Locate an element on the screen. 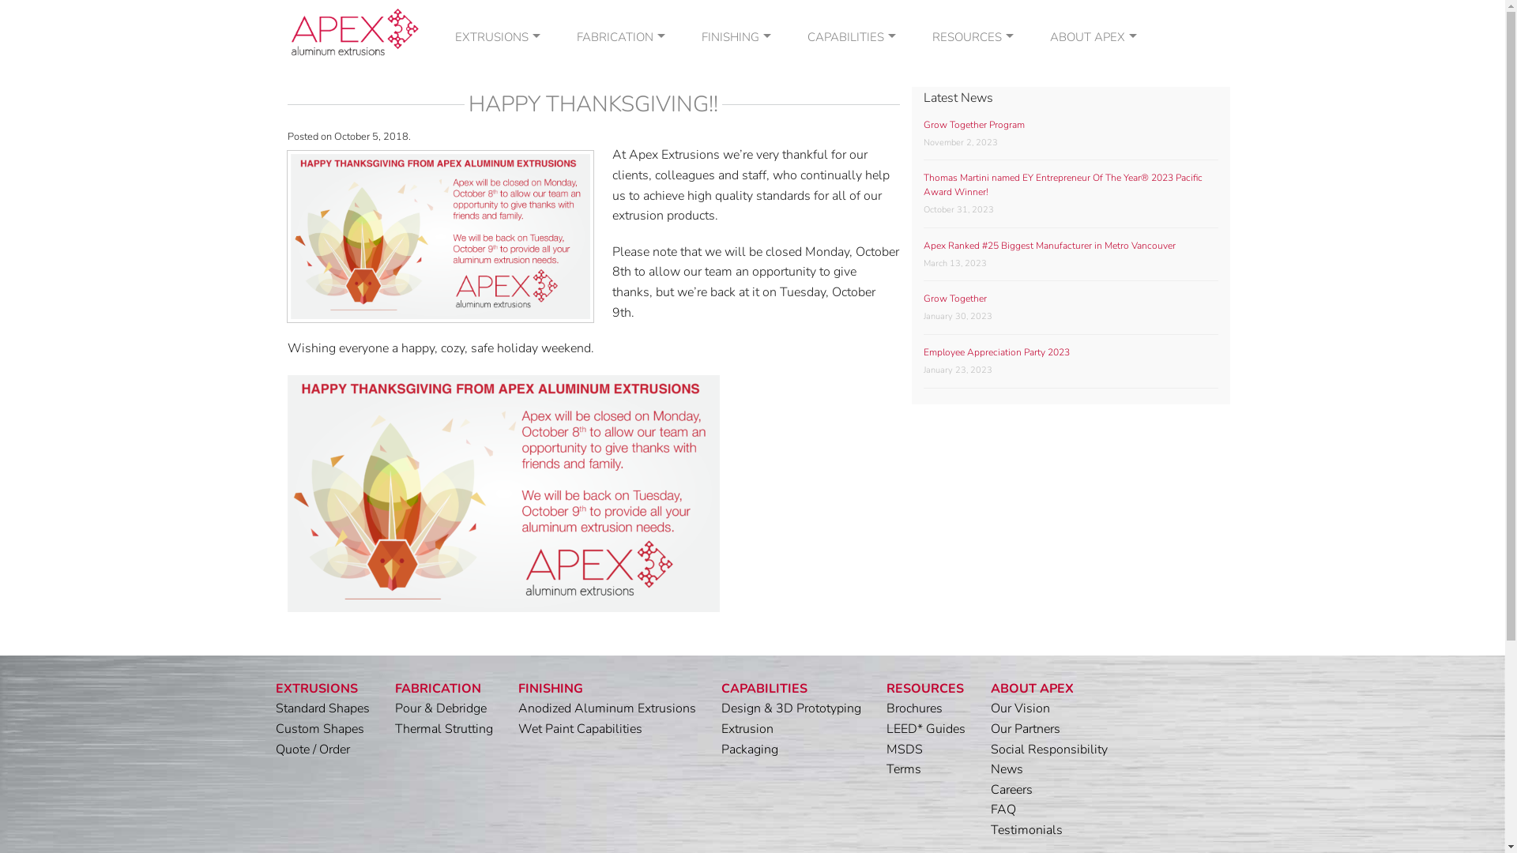 This screenshot has height=853, width=1517. 'CAPABILITIES' is located at coordinates (849, 36).